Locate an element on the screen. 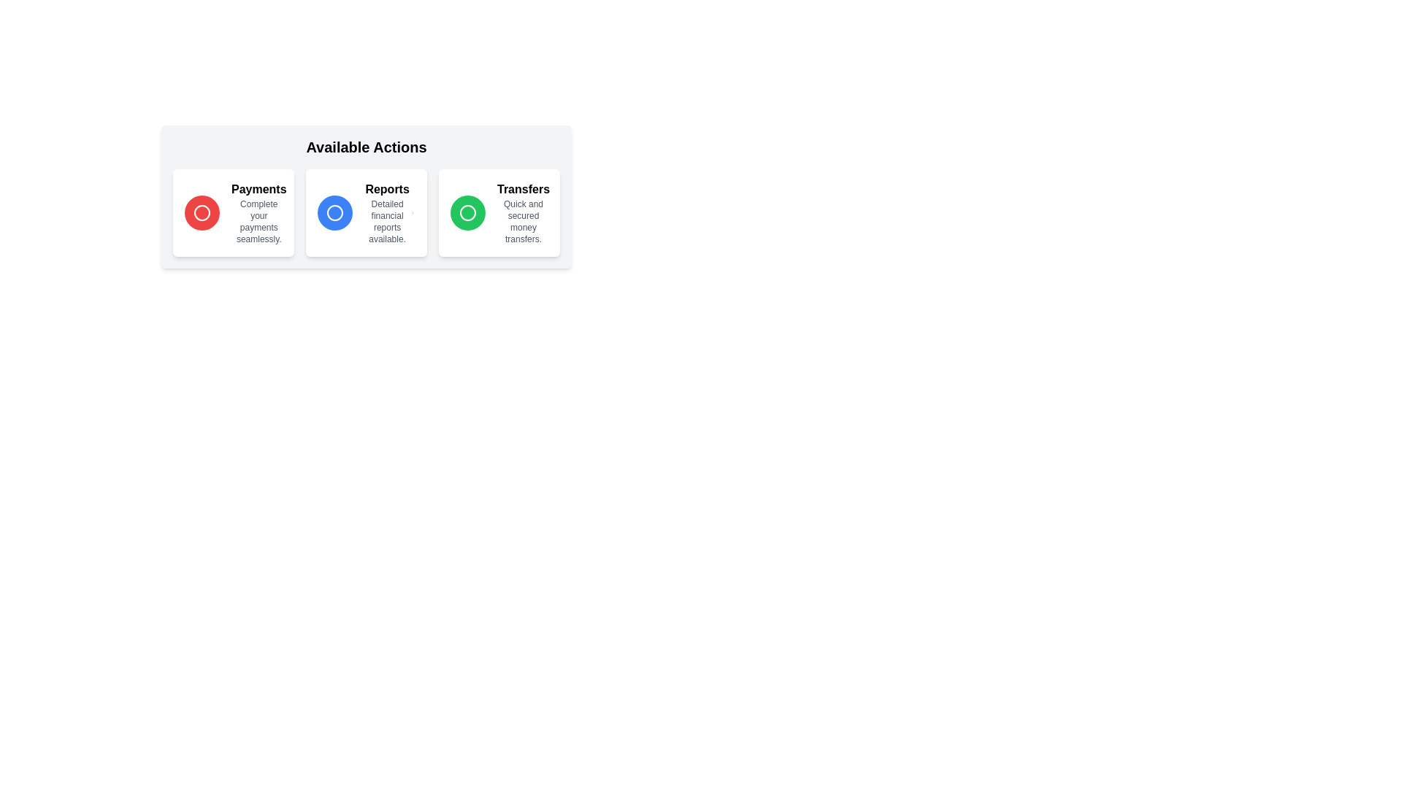 The image size is (1402, 788). any section of the Grid Layout located below the 'Available Actions' title is located at coordinates (367, 213).